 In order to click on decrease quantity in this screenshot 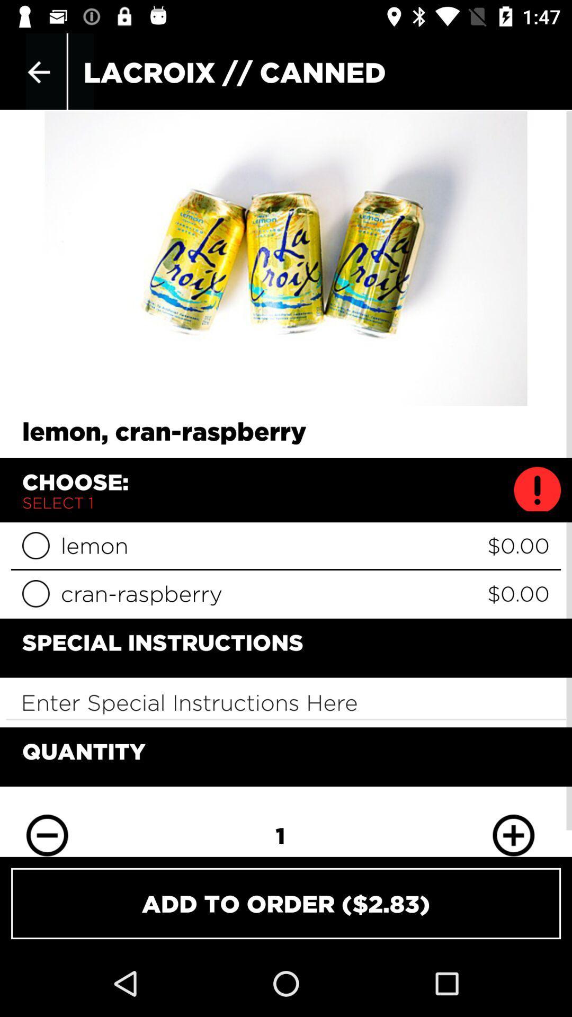, I will do `click(47, 827)`.